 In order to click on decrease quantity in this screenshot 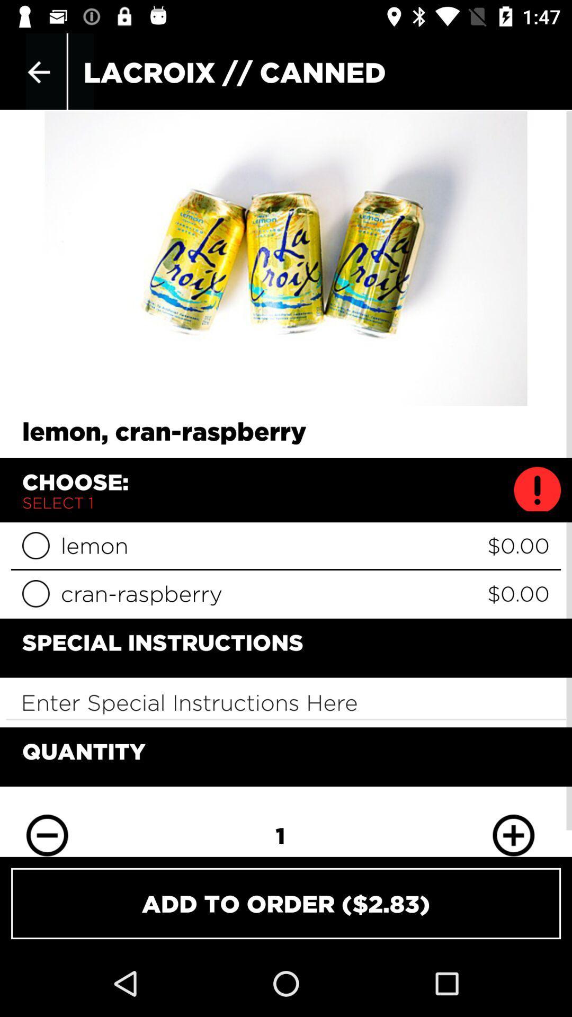, I will do `click(47, 827)`.